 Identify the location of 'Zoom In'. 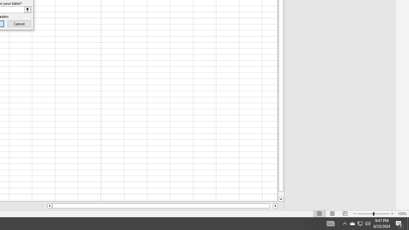
(392, 214).